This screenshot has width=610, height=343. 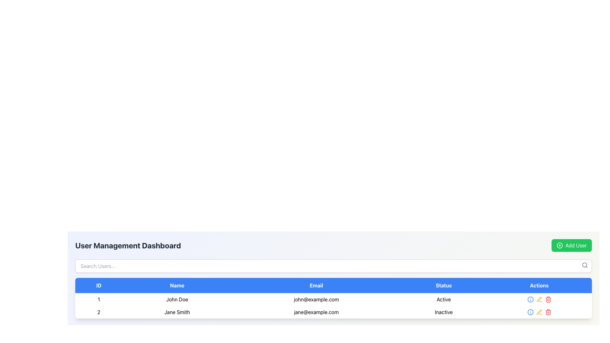 I want to click on the 'Active' text label in the 'Status' column of the table, which indicates the status of the entity, so click(x=443, y=299).